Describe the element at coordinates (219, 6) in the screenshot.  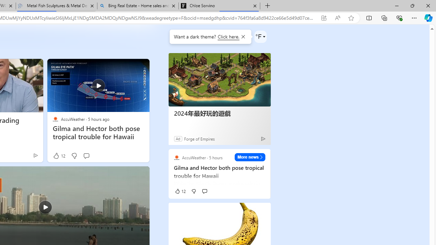
I see `'Chloe Sorvino'` at that location.